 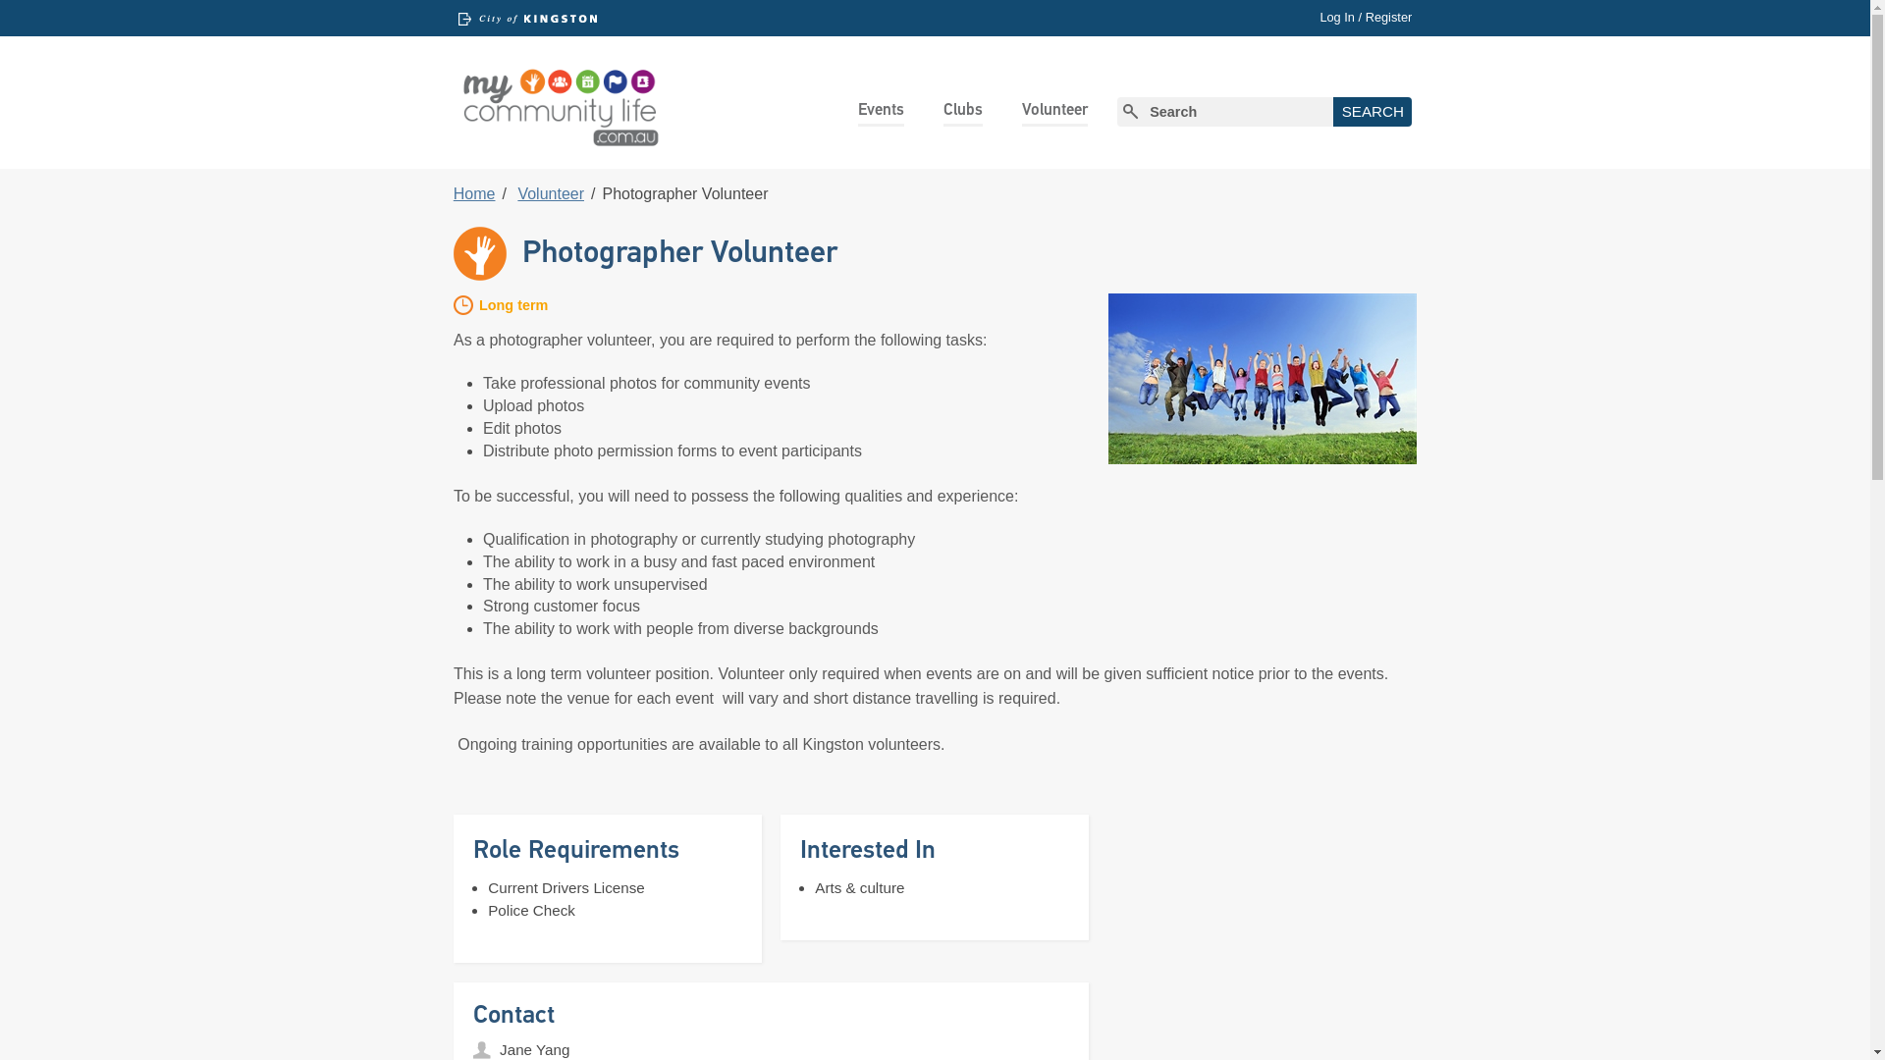 I want to click on 'Home', so click(x=474, y=193).